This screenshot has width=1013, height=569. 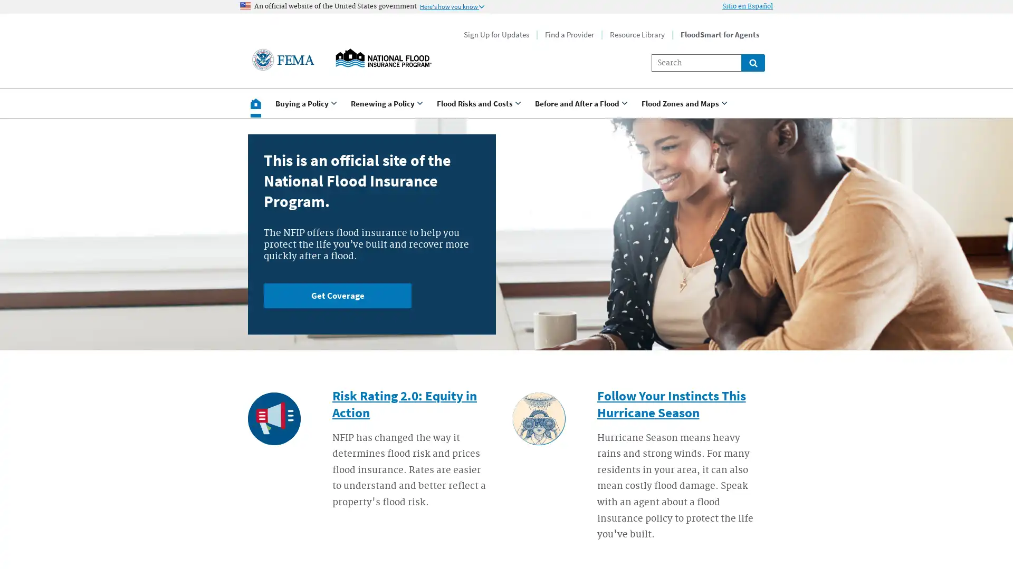 I want to click on Global search for site links and content throught floodsmart, so click(x=752, y=63).